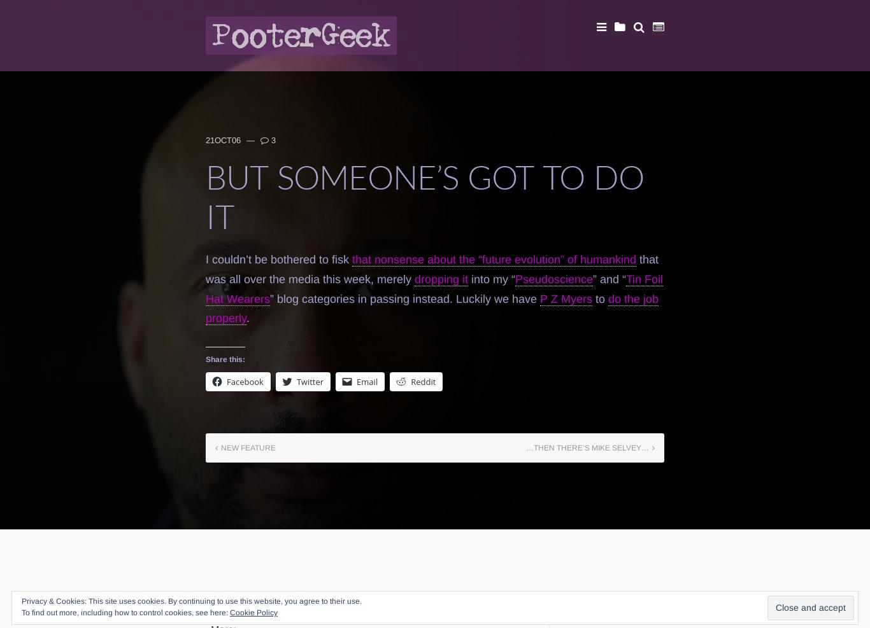 The width and height of the screenshot is (870, 628). What do you see at coordinates (296, 380) in the screenshot?
I see `'Twitter'` at bounding box center [296, 380].